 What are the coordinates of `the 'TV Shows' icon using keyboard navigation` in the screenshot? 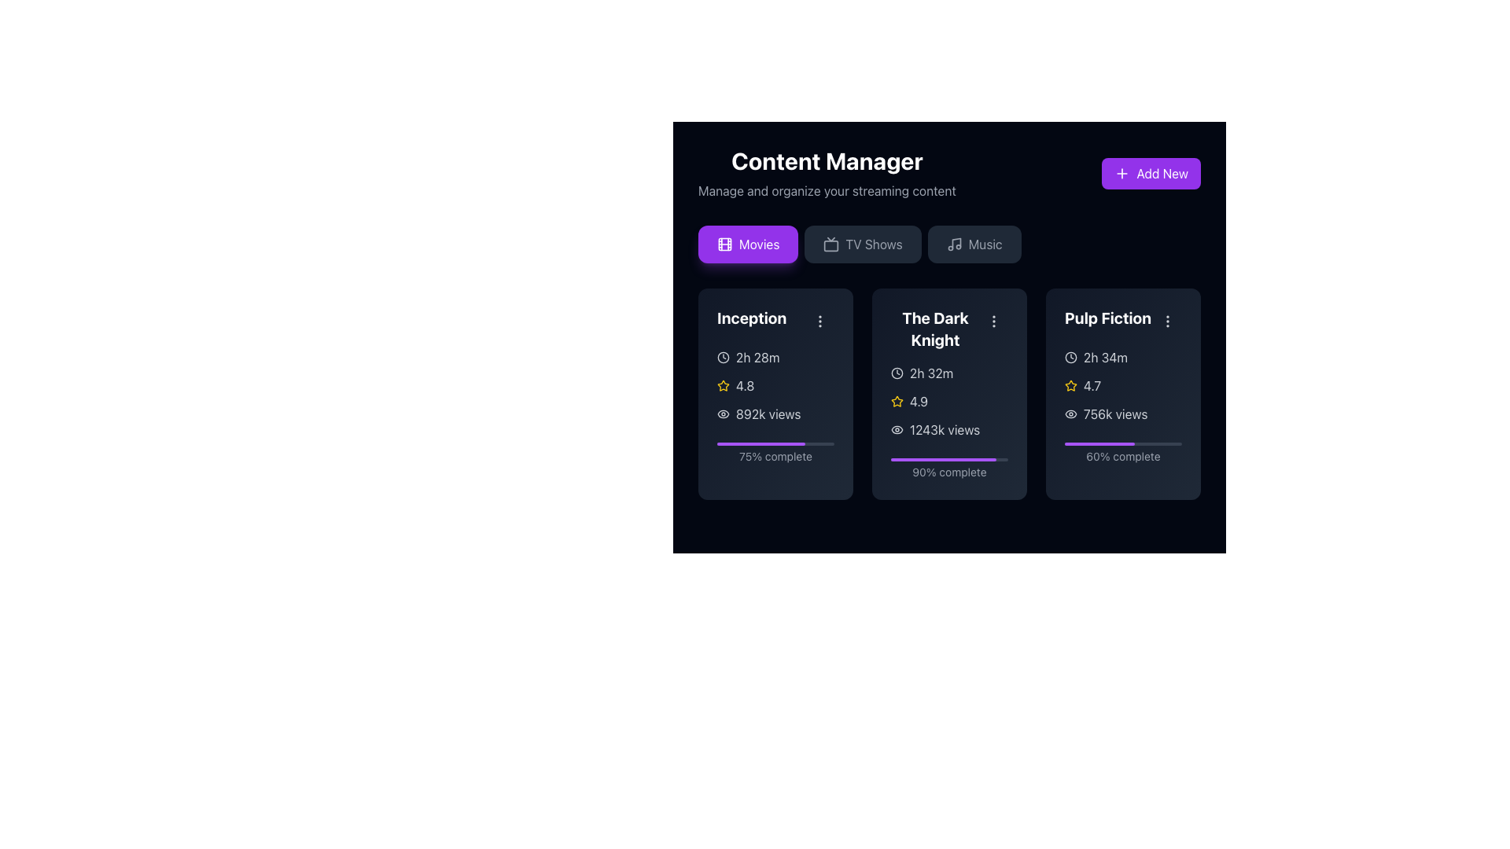 It's located at (830, 244).